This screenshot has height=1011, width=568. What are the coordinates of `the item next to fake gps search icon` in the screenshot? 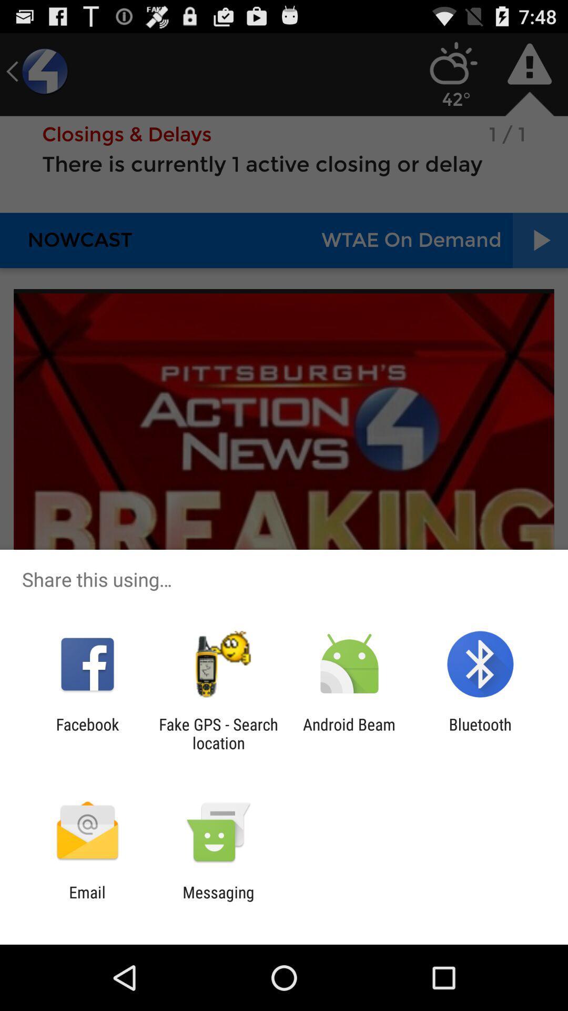 It's located at (87, 733).